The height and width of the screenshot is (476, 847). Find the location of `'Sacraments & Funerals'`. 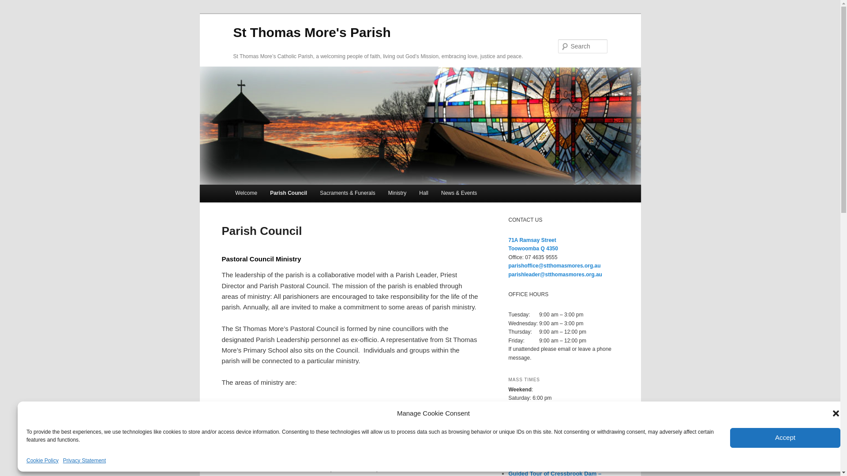

'Sacraments & Funerals' is located at coordinates (347, 193).